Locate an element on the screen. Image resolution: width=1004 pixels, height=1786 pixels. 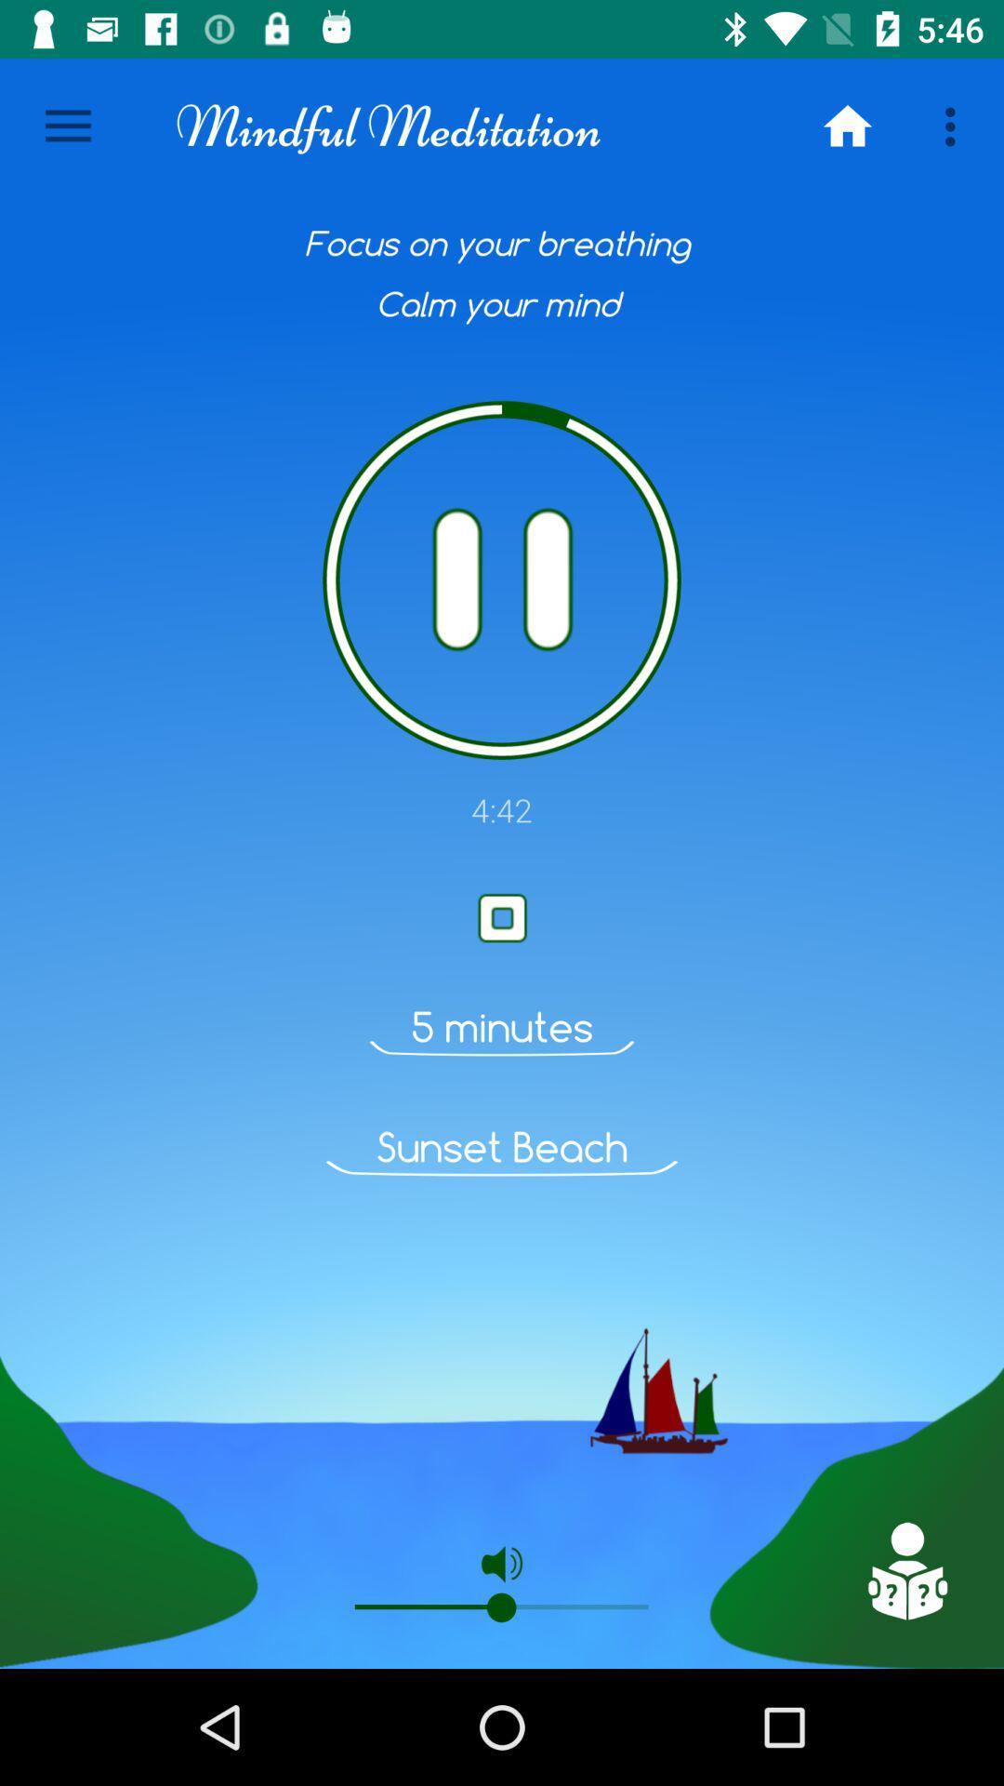
the icon next to mindful meditation is located at coordinates (67, 126).